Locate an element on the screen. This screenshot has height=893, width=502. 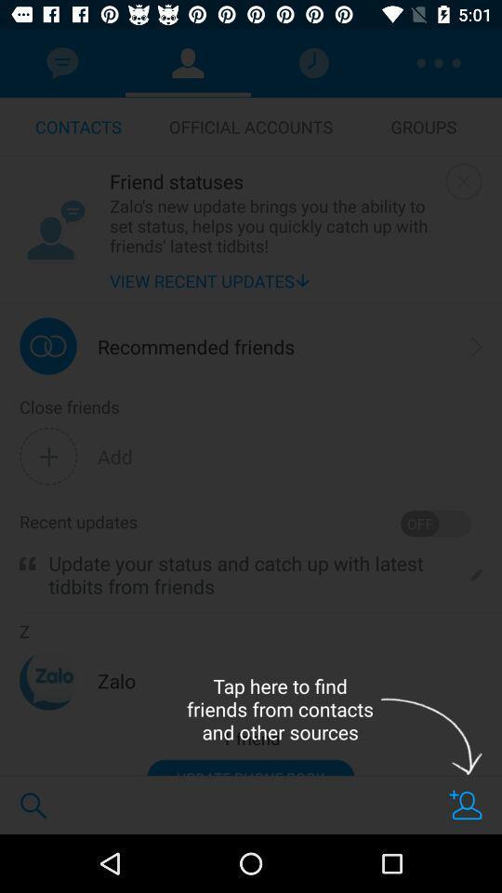
item to the right of contacts item is located at coordinates (251, 126).